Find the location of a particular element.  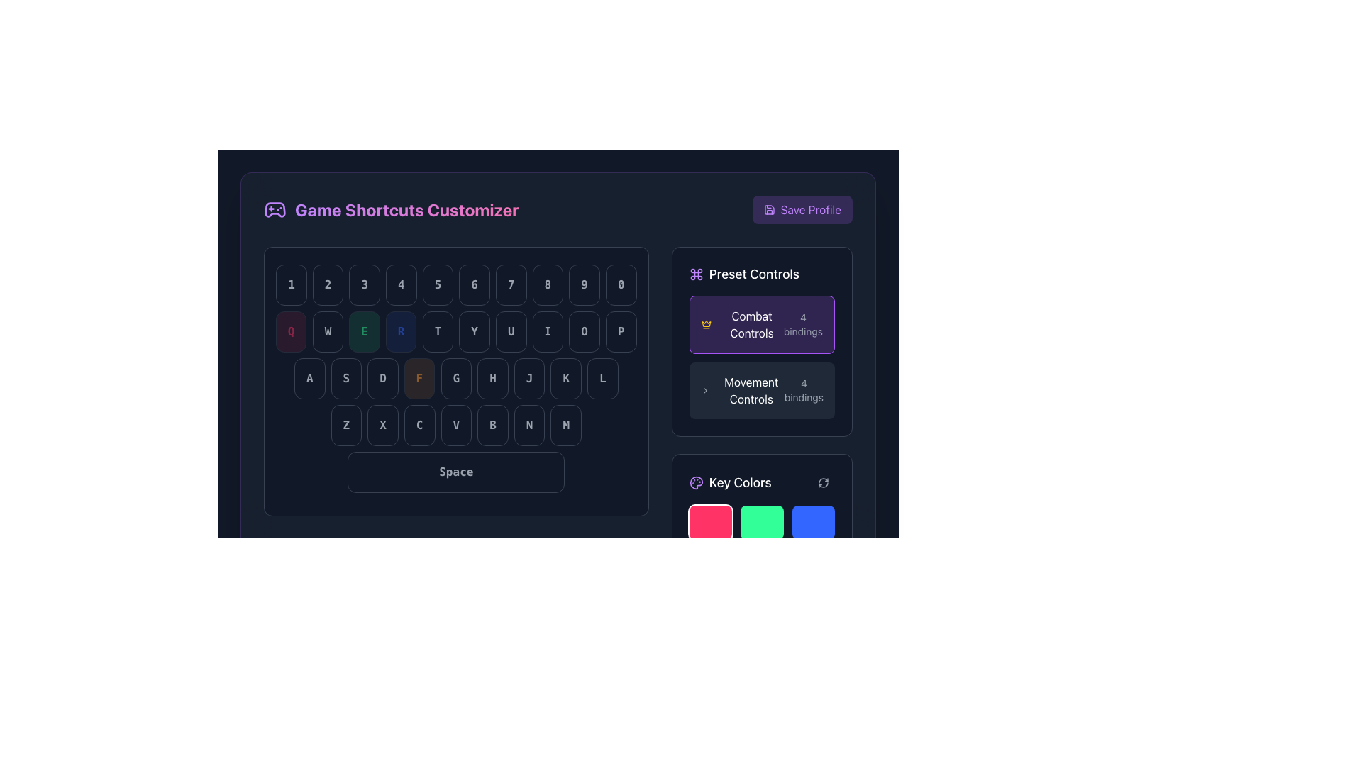

the virtual button labeled 'X', which is the second button in the bottom row of a keyboard-like layout, located between 'Z' and 'C' is located at coordinates (383, 425).